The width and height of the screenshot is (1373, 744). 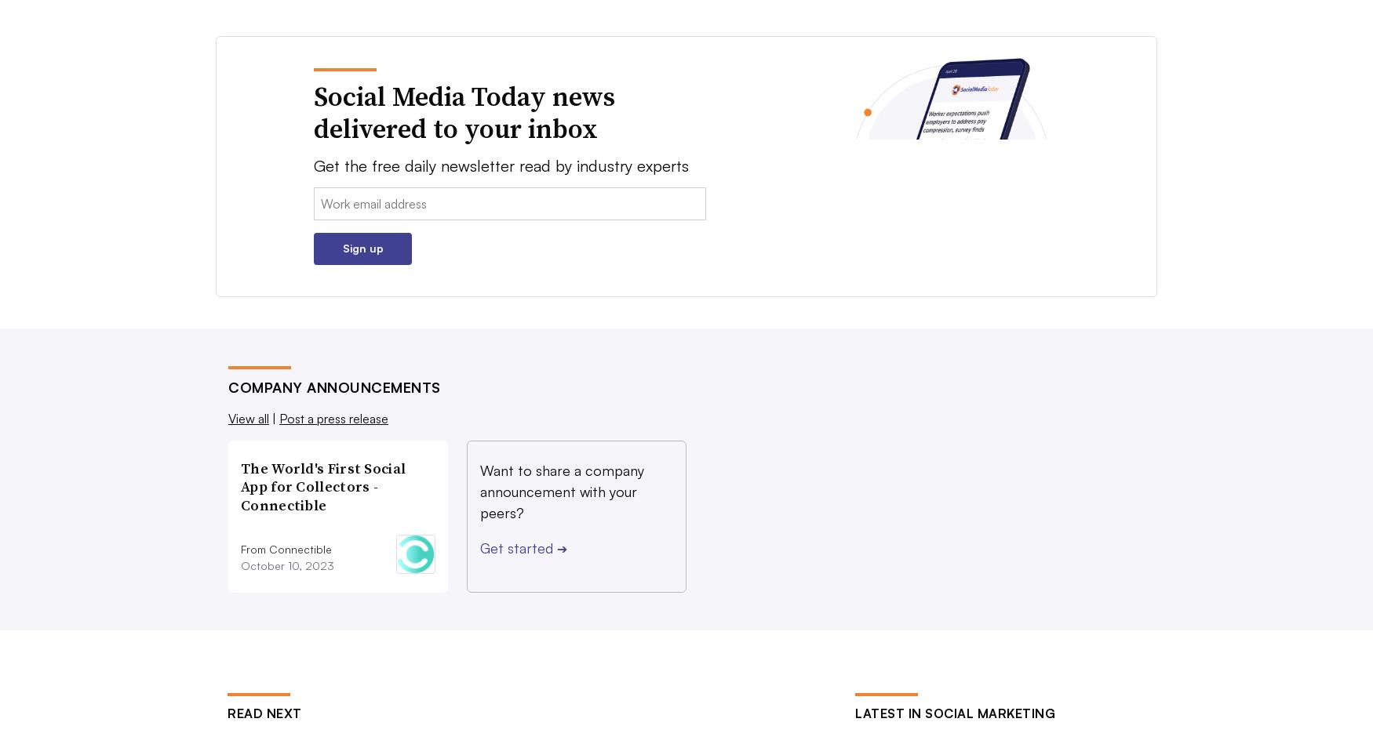 I want to click on 'Social Media Today news delivered to your inbox', so click(x=464, y=112).